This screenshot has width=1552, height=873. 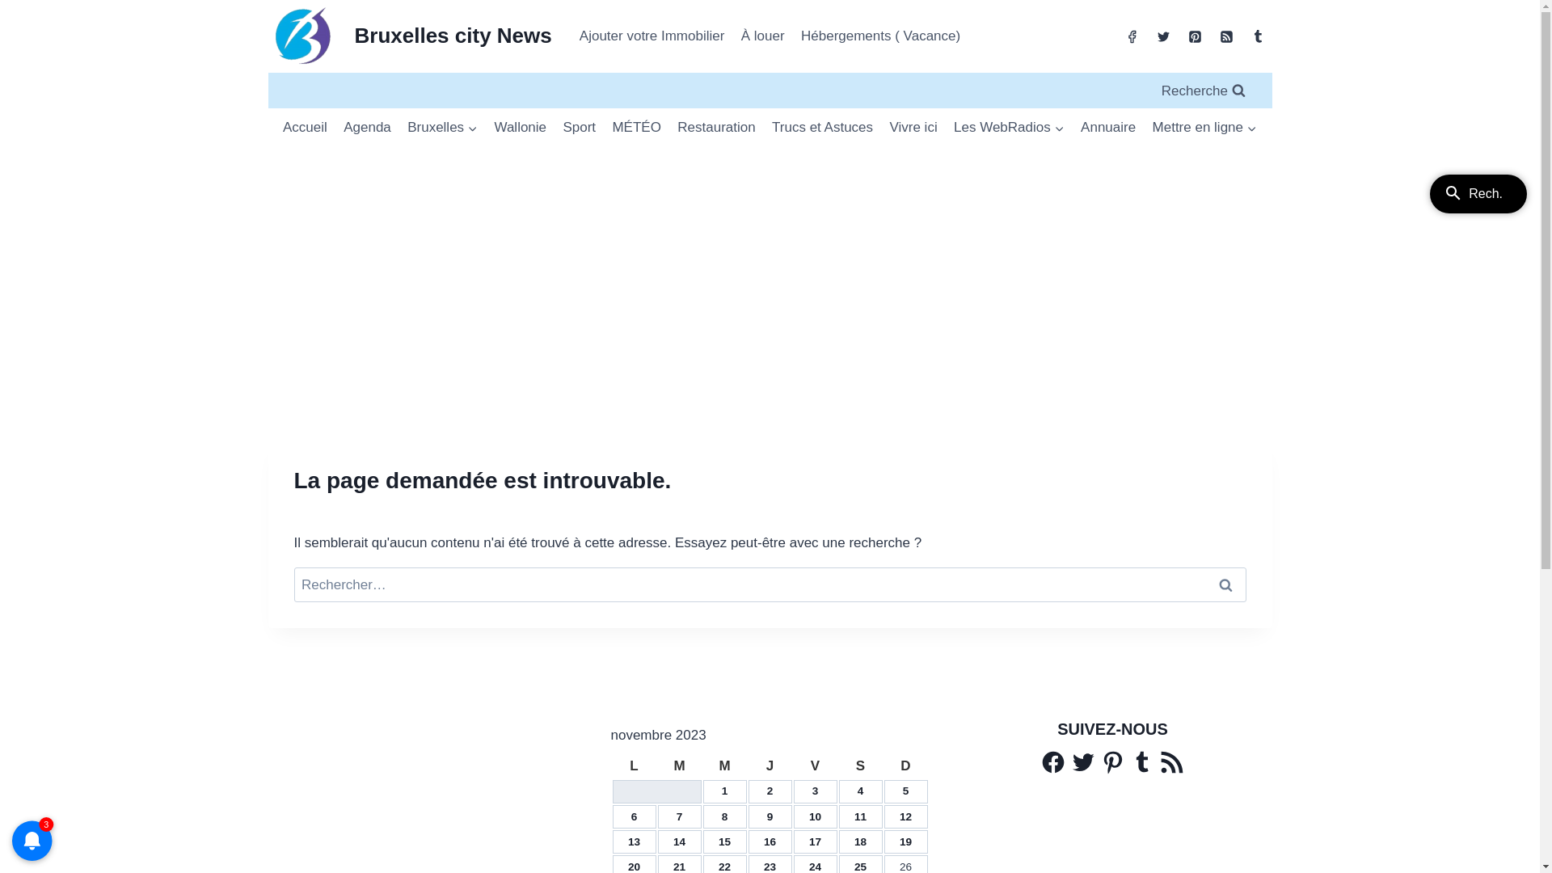 I want to click on 'Bruxelles', so click(x=442, y=127).